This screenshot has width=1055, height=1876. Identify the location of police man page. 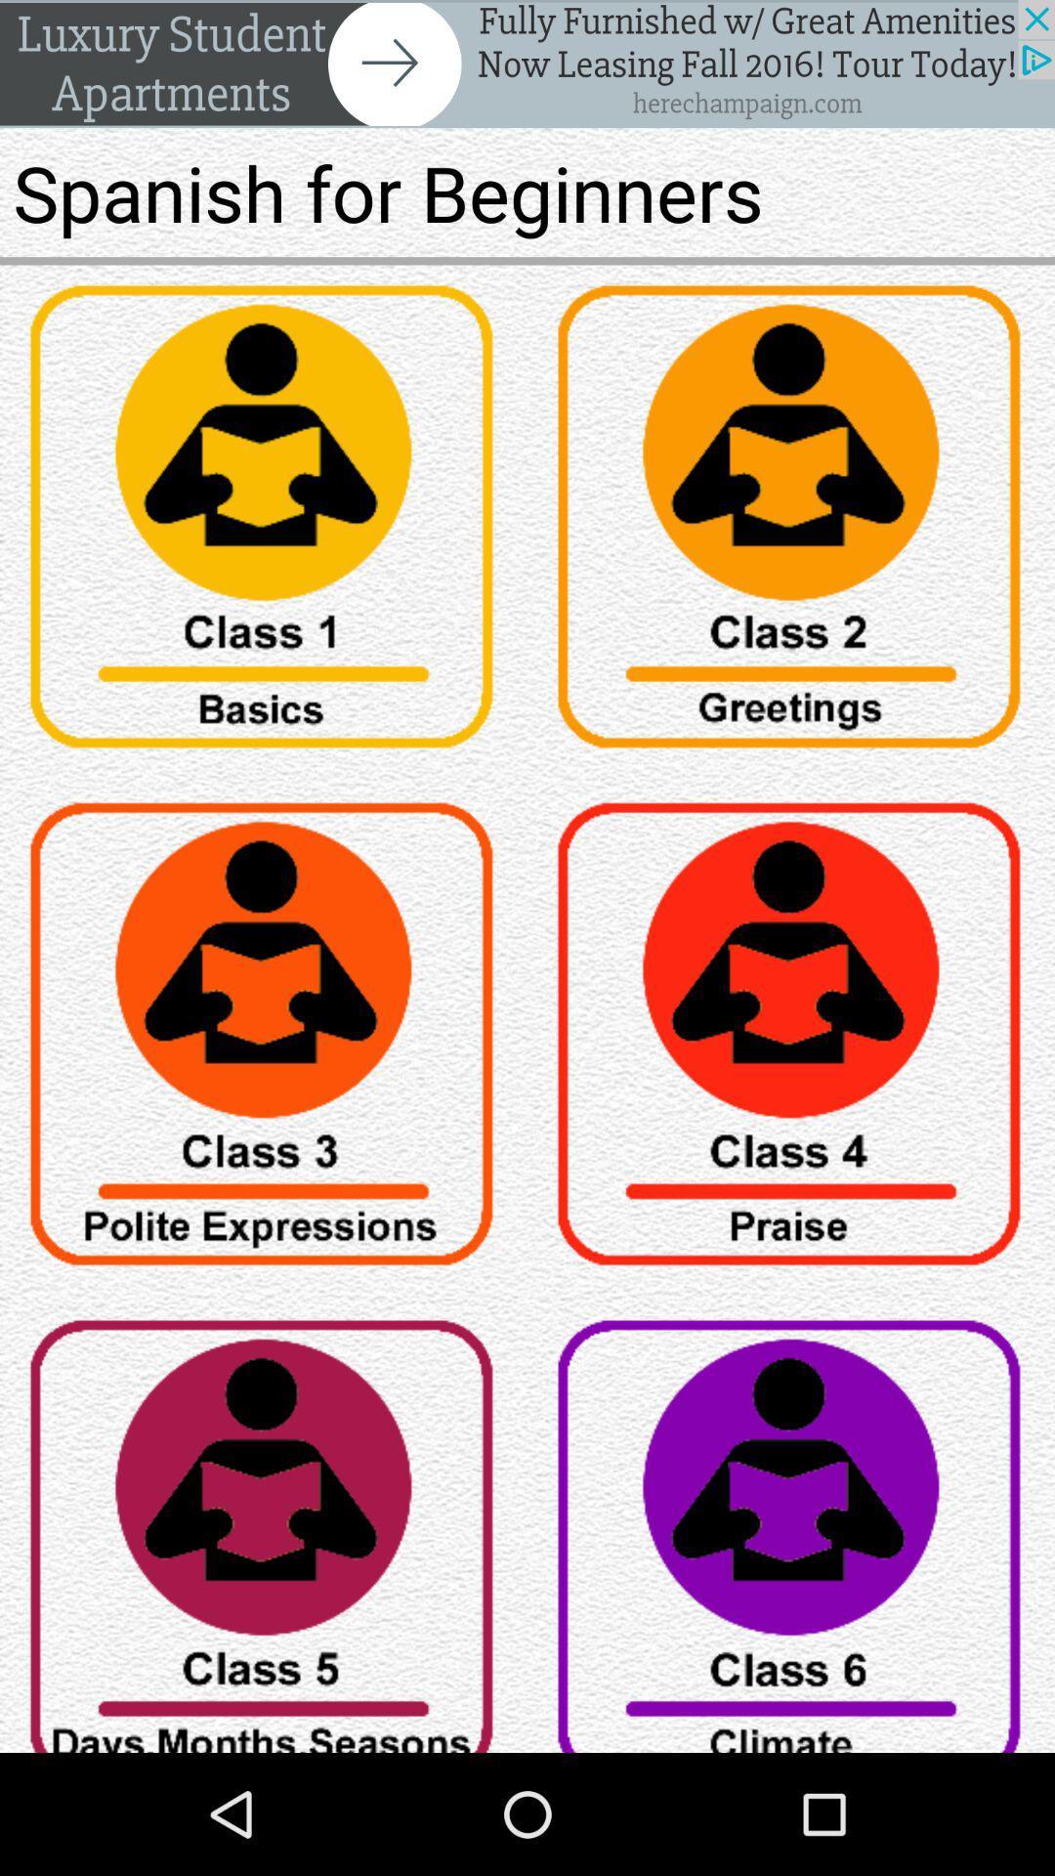
(264, 1040).